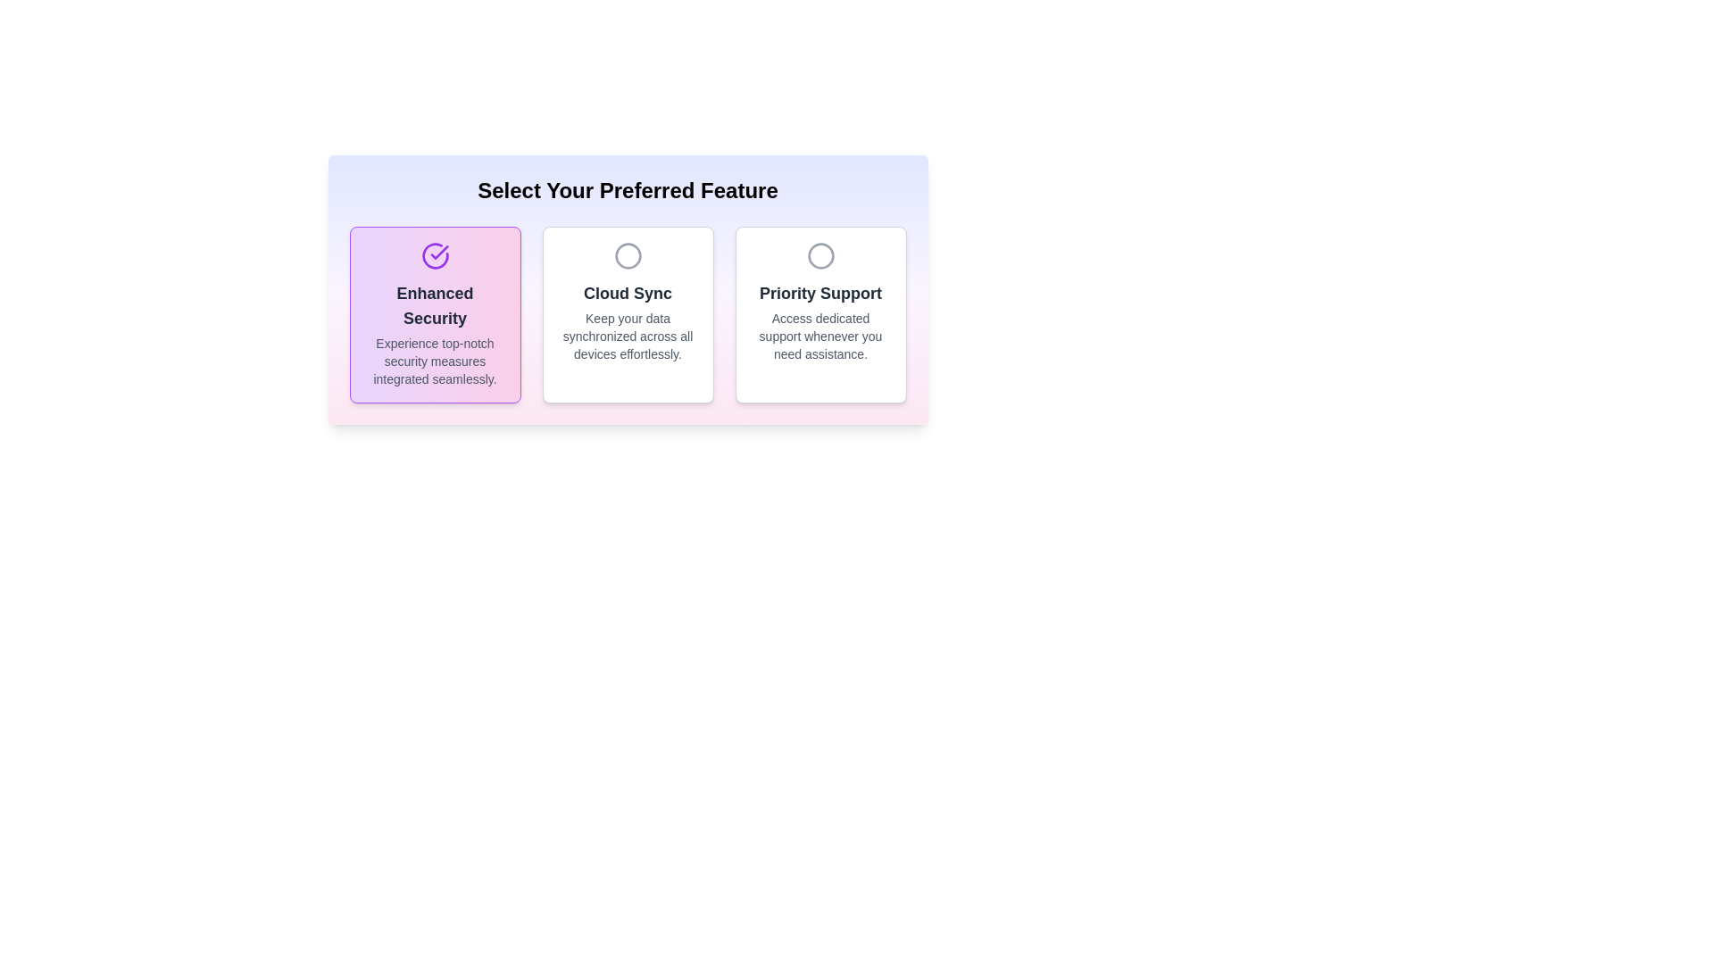 The width and height of the screenshot is (1714, 964). What do you see at coordinates (628, 255) in the screenshot?
I see `the SVG circle element located at the top-middle of the 'Cloud Sync' card, which has a visible outline and no fill` at bounding box center [628, 255].